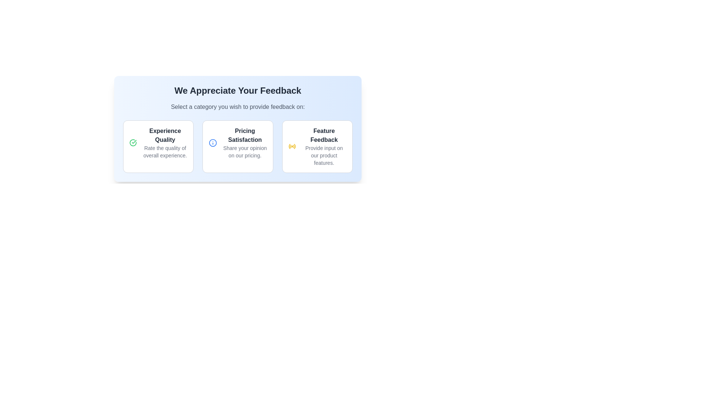 This screenshot has width=712, height=400. I want to click on the pricing satisfaction card, which is the second card in a 1x3 grid layout, to initiate interaction, so click(238, 147).